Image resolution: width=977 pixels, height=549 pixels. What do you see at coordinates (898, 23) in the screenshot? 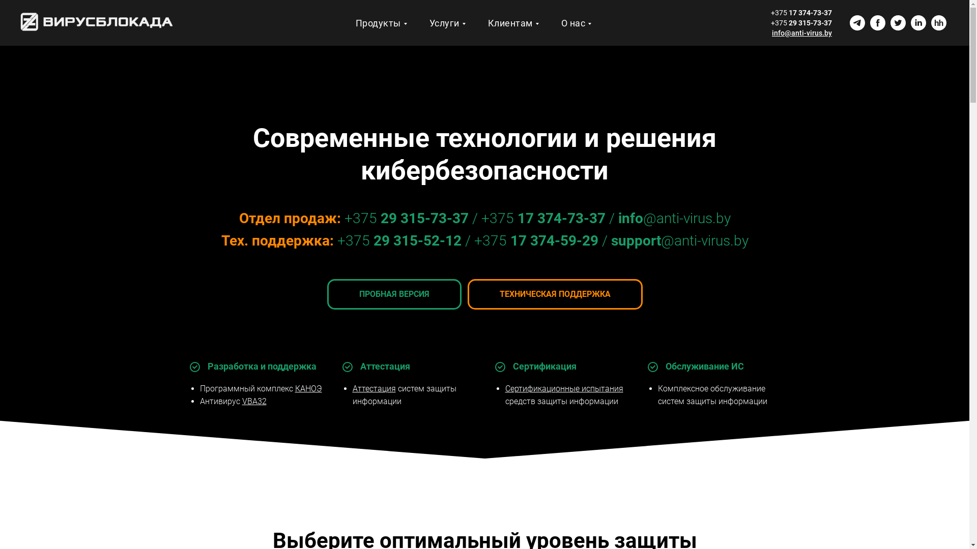
I see `'Twitter'` at bounding box center [898, 23].